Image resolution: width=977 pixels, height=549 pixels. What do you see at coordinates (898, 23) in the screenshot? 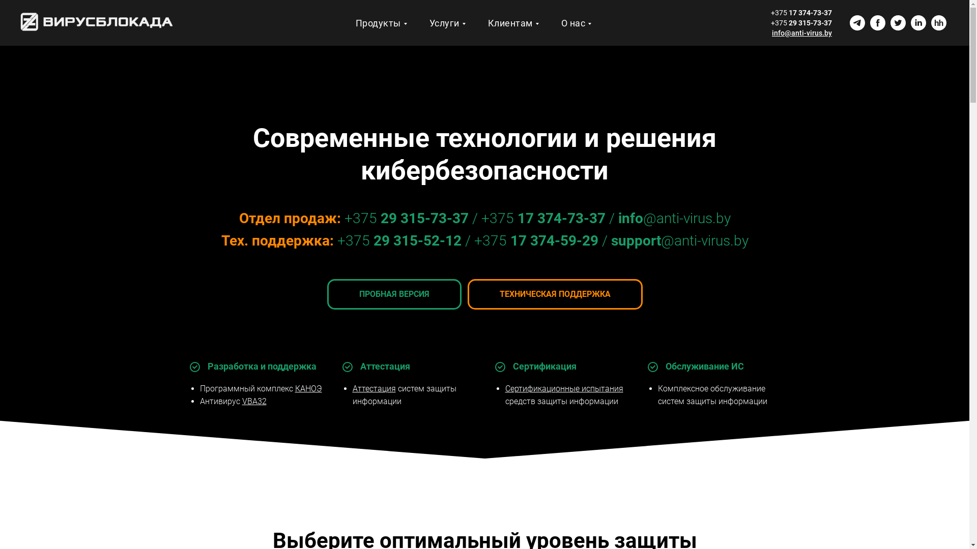
I see `'Twitter'` at bounding box center [898, 23].